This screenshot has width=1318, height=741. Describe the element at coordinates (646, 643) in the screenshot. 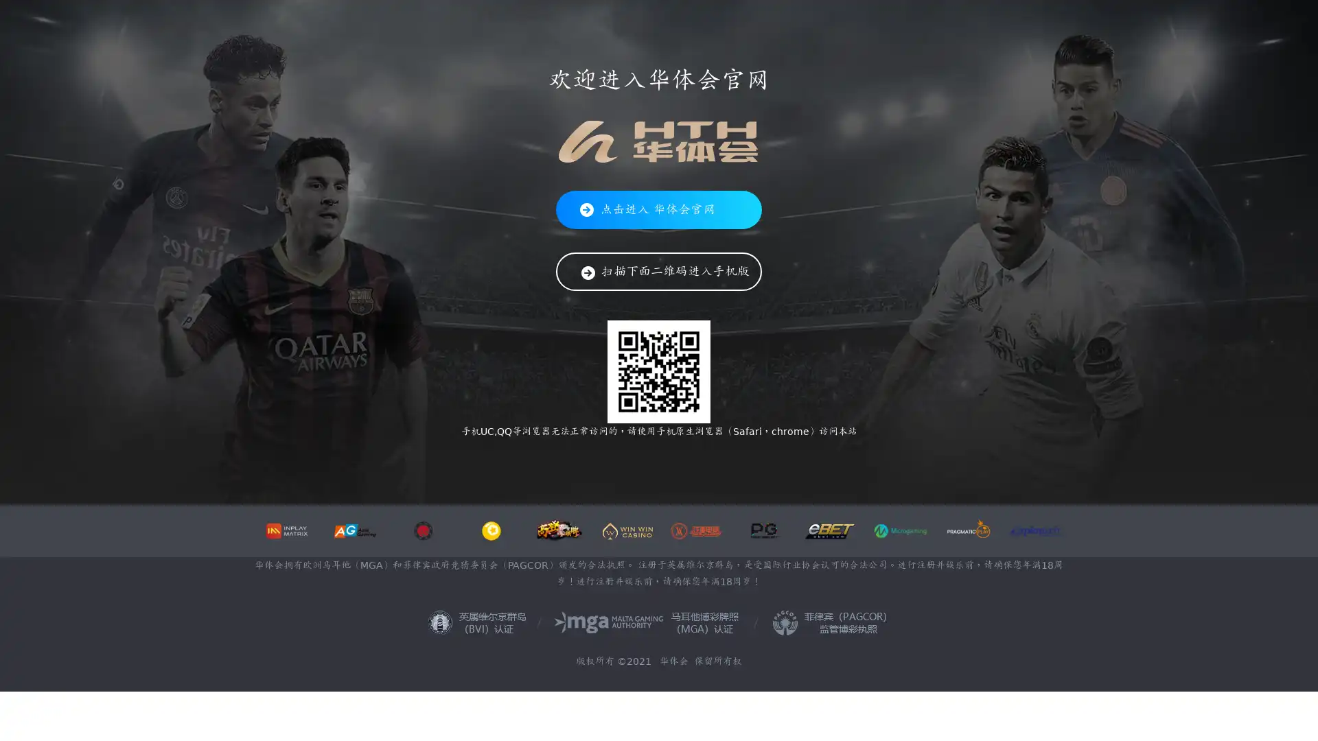

I see `Next` at that location.